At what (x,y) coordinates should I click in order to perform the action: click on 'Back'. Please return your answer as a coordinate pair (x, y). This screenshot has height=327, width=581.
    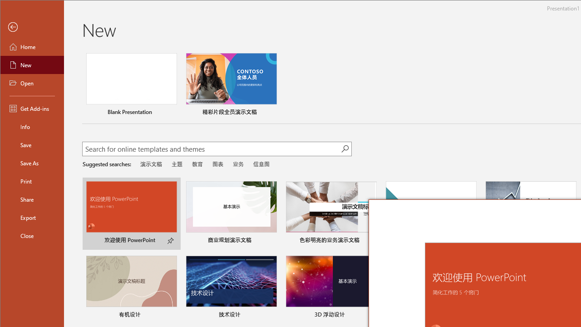
    Looking at the image, I should click on (32, 27).